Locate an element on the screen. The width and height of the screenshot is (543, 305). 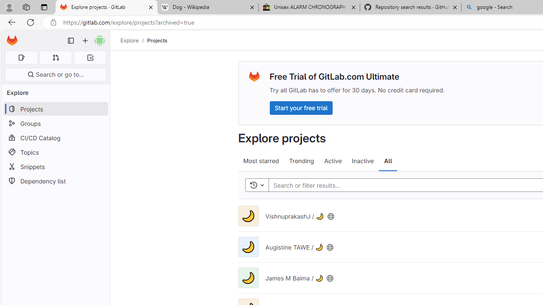
'Create new...' is located at coordinates (85, 41).